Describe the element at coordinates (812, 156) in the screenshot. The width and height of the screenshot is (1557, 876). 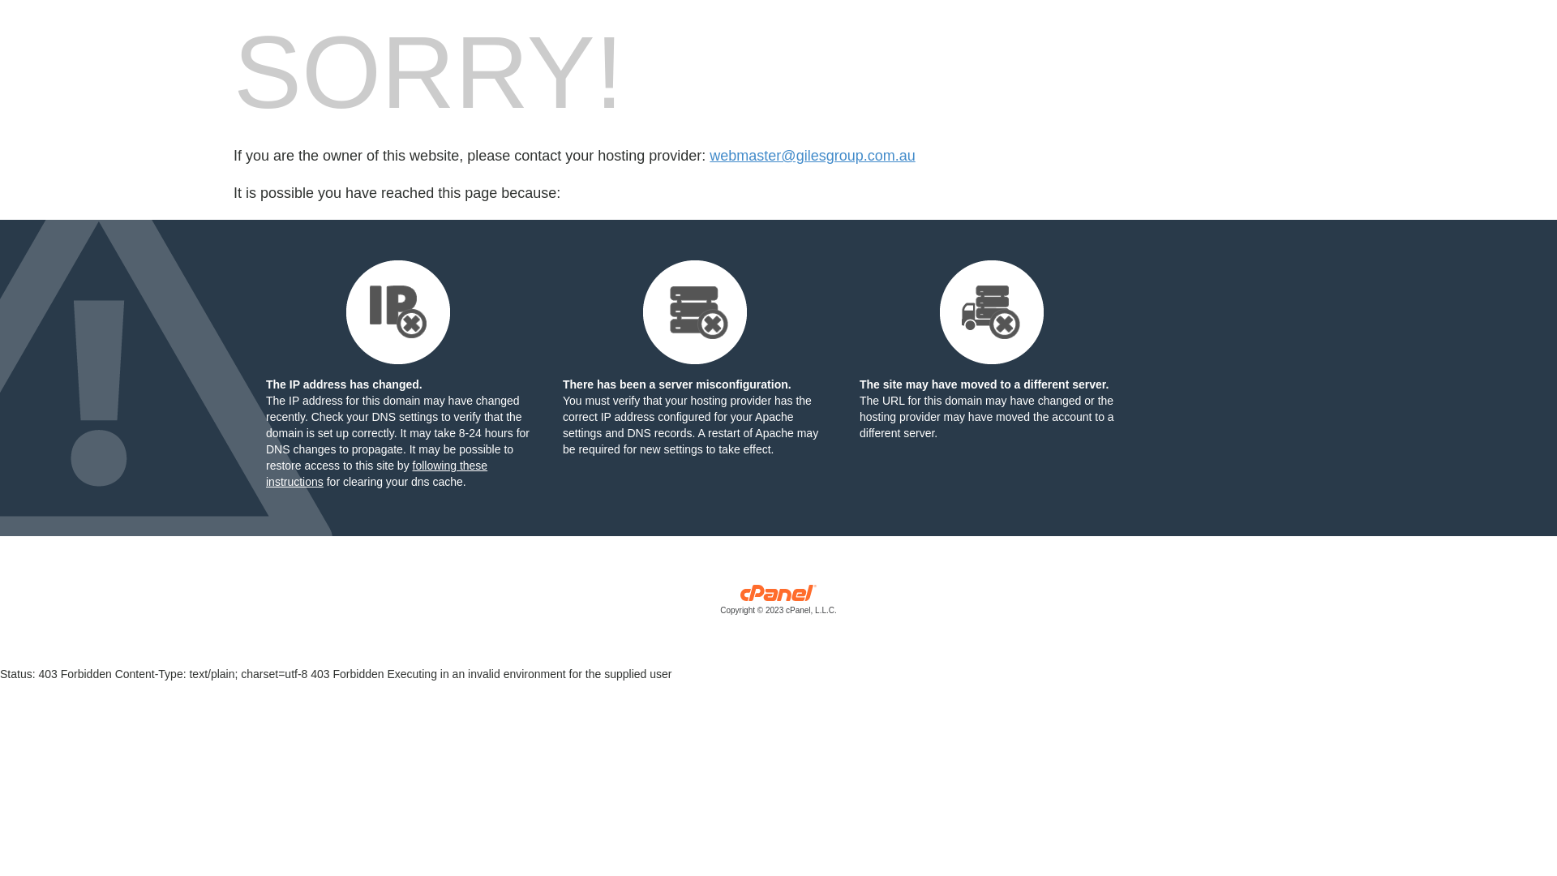
I see `'webmaster@gilesgroup.com.au'` at that location.